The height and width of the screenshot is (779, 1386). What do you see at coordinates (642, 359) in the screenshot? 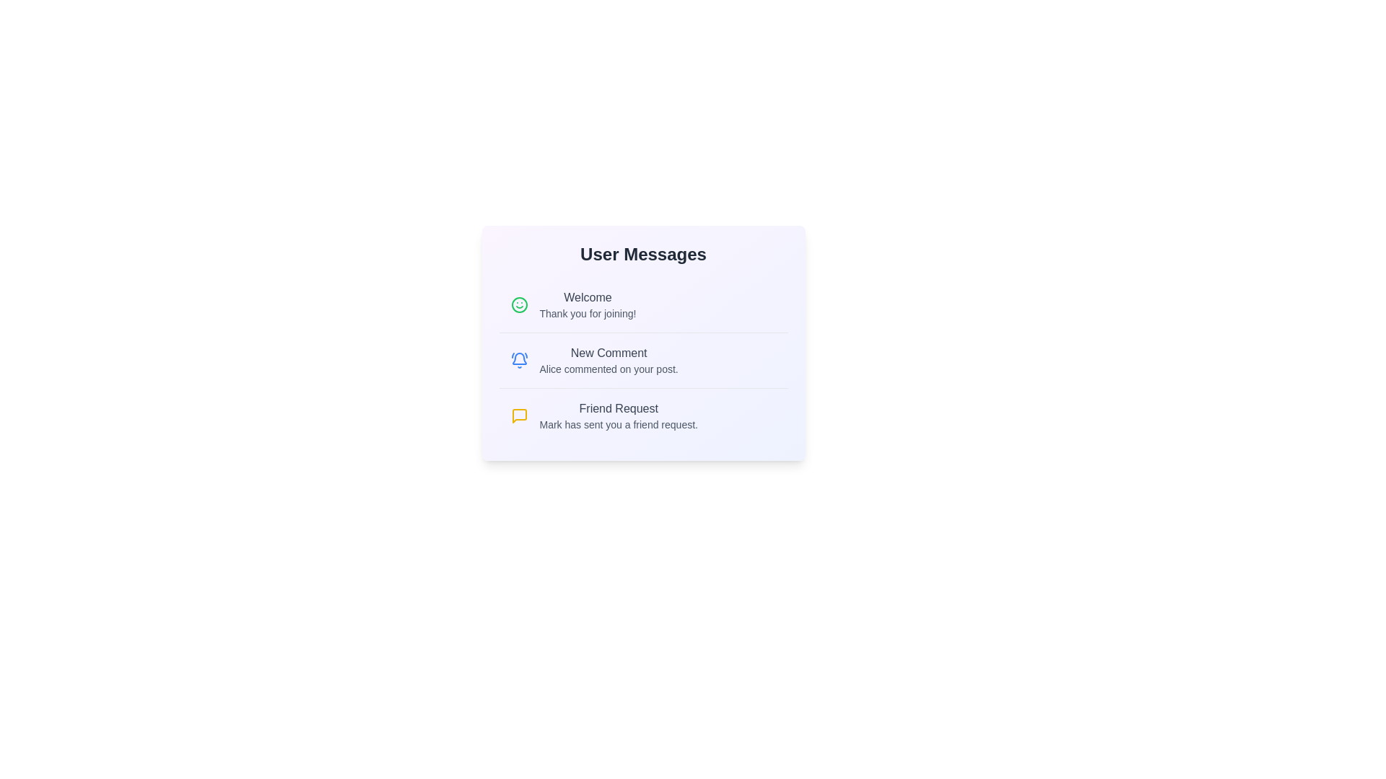
I see `the message item titled 'New Comment'` at bounding box center [642, 359].